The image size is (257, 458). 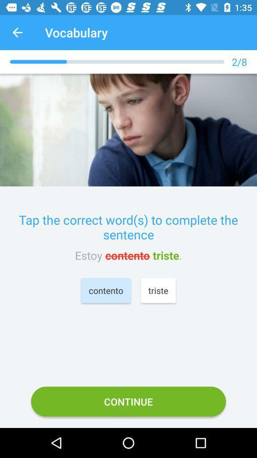 What do you see at coordinates (17, 32) in the screenshot?
I see `the icon next to the vocabulary app` at bounding box center [17, 32].